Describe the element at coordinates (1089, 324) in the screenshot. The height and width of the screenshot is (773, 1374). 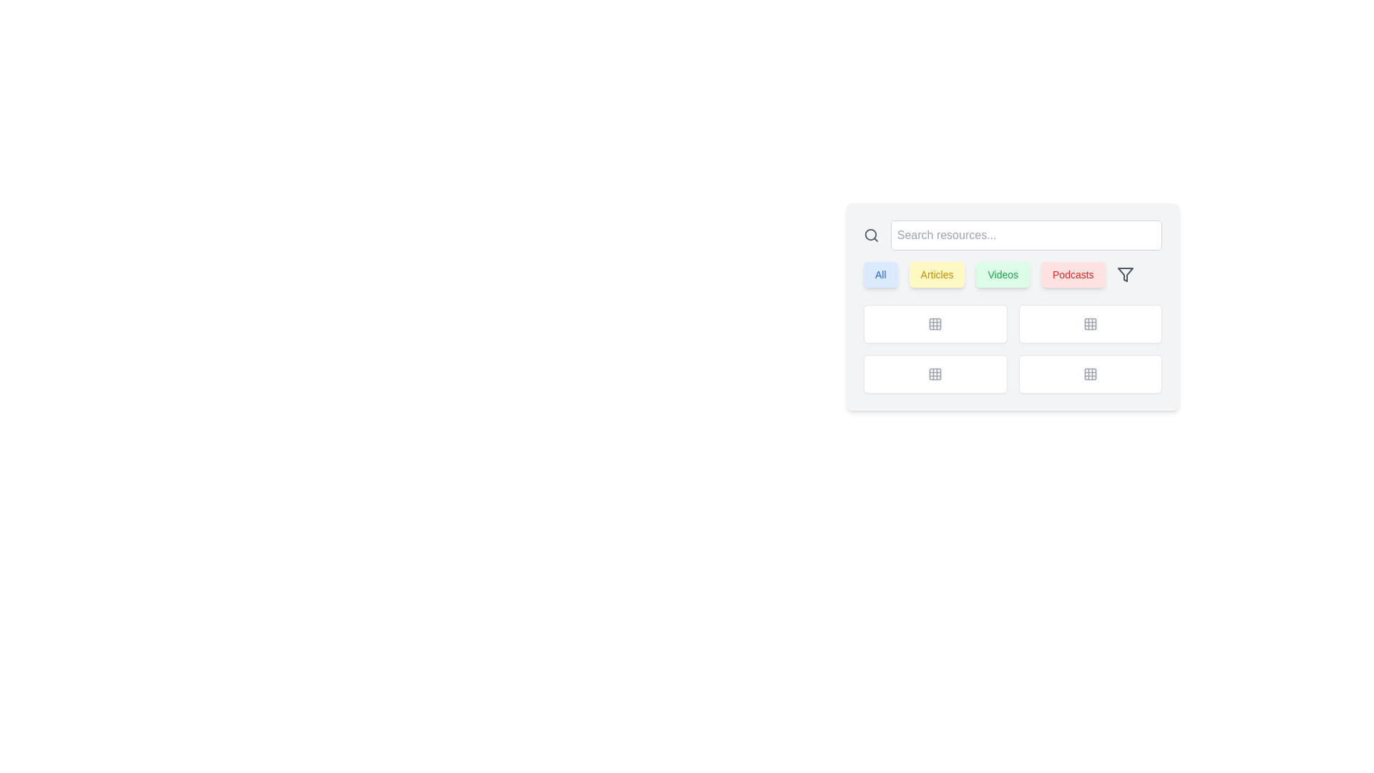
I see `the grid or layout view icon located in the lower-right button of the group of six evenly spaced buttons in the central interface box` at that location.